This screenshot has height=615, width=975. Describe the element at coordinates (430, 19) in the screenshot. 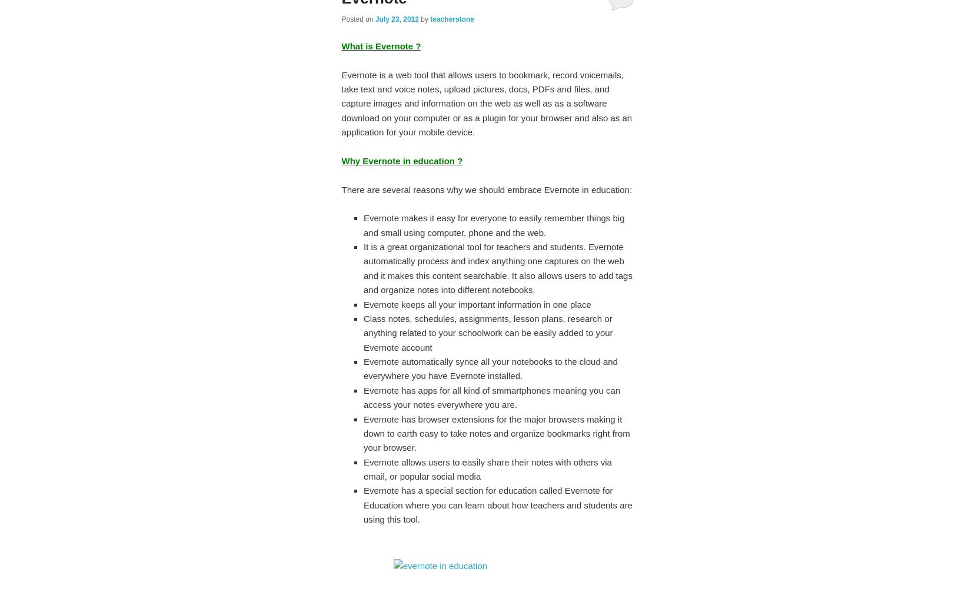

I see `'teacherstone'` at that location.